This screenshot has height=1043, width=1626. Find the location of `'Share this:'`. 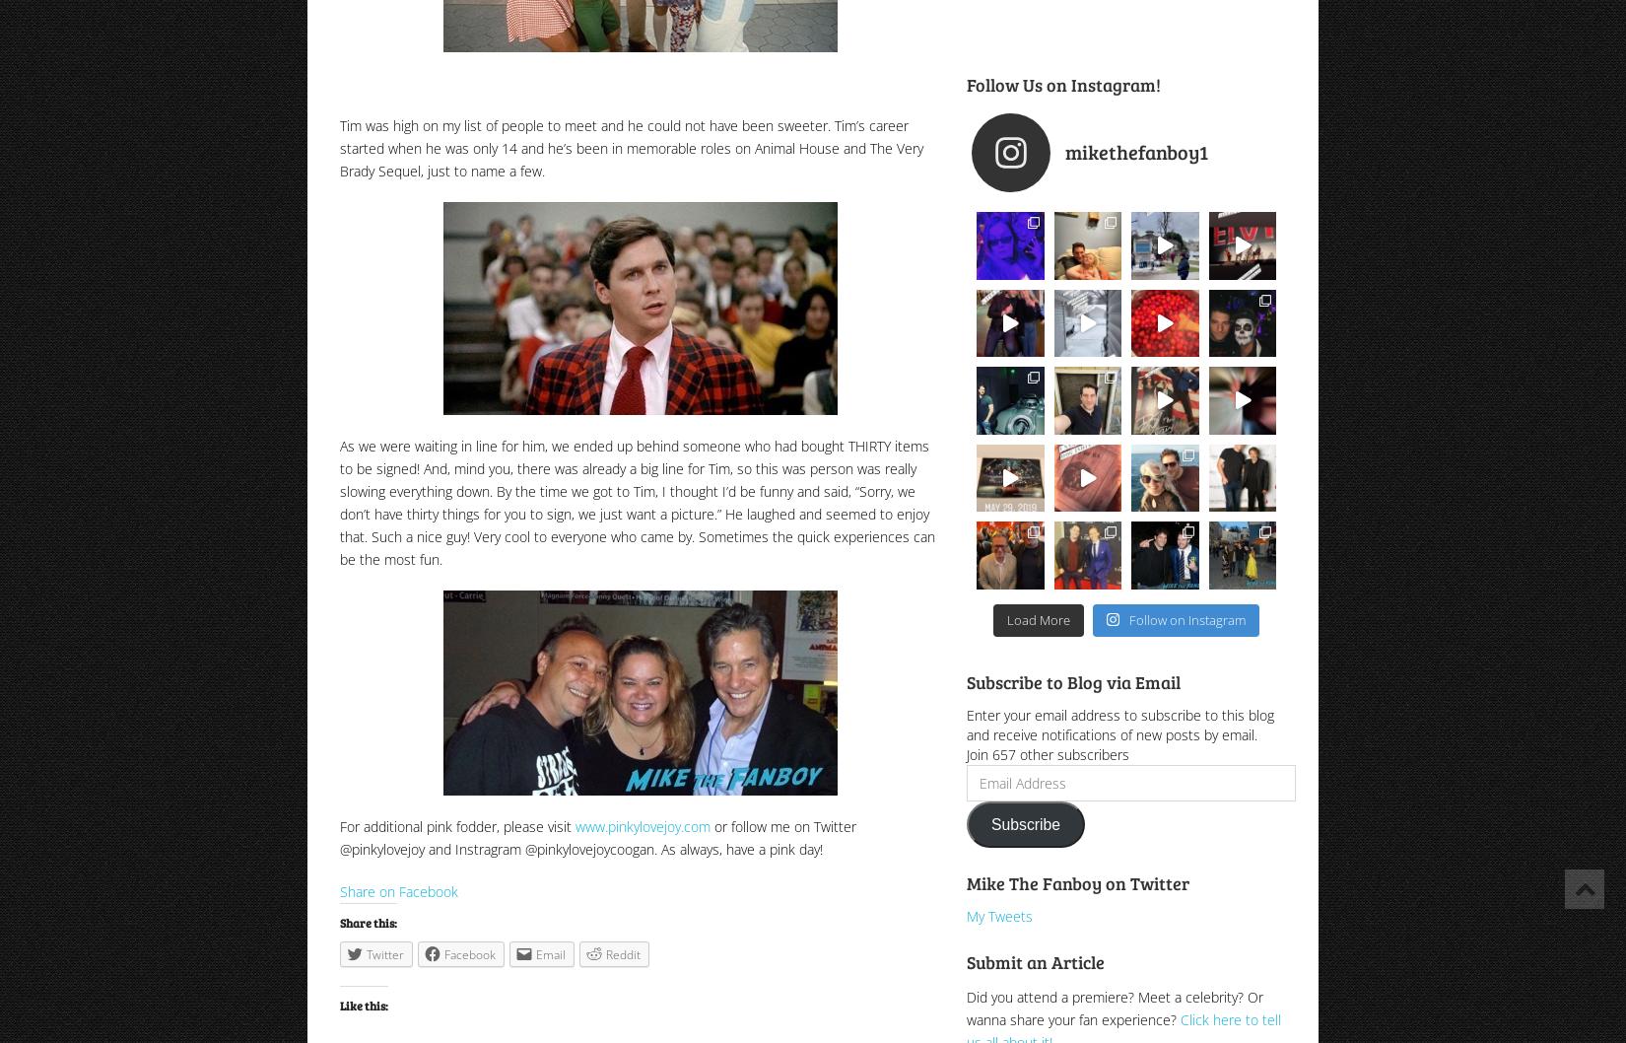

'Share this:' is located at coordinates (369, 923).